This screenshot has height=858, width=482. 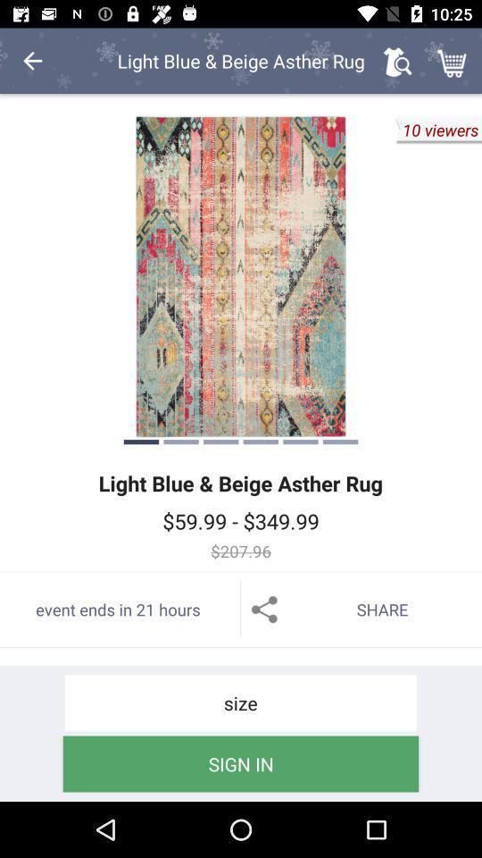 I want to click on the item at the top left corner, so click(x=32, y=61).